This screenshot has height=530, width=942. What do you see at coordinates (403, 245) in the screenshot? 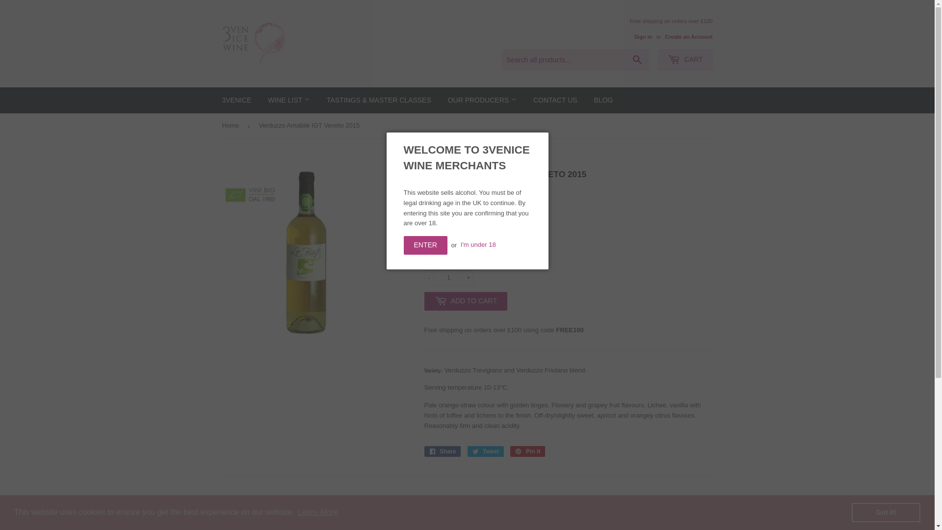
I see `'ENTER'` at bounding box center [403, 245].